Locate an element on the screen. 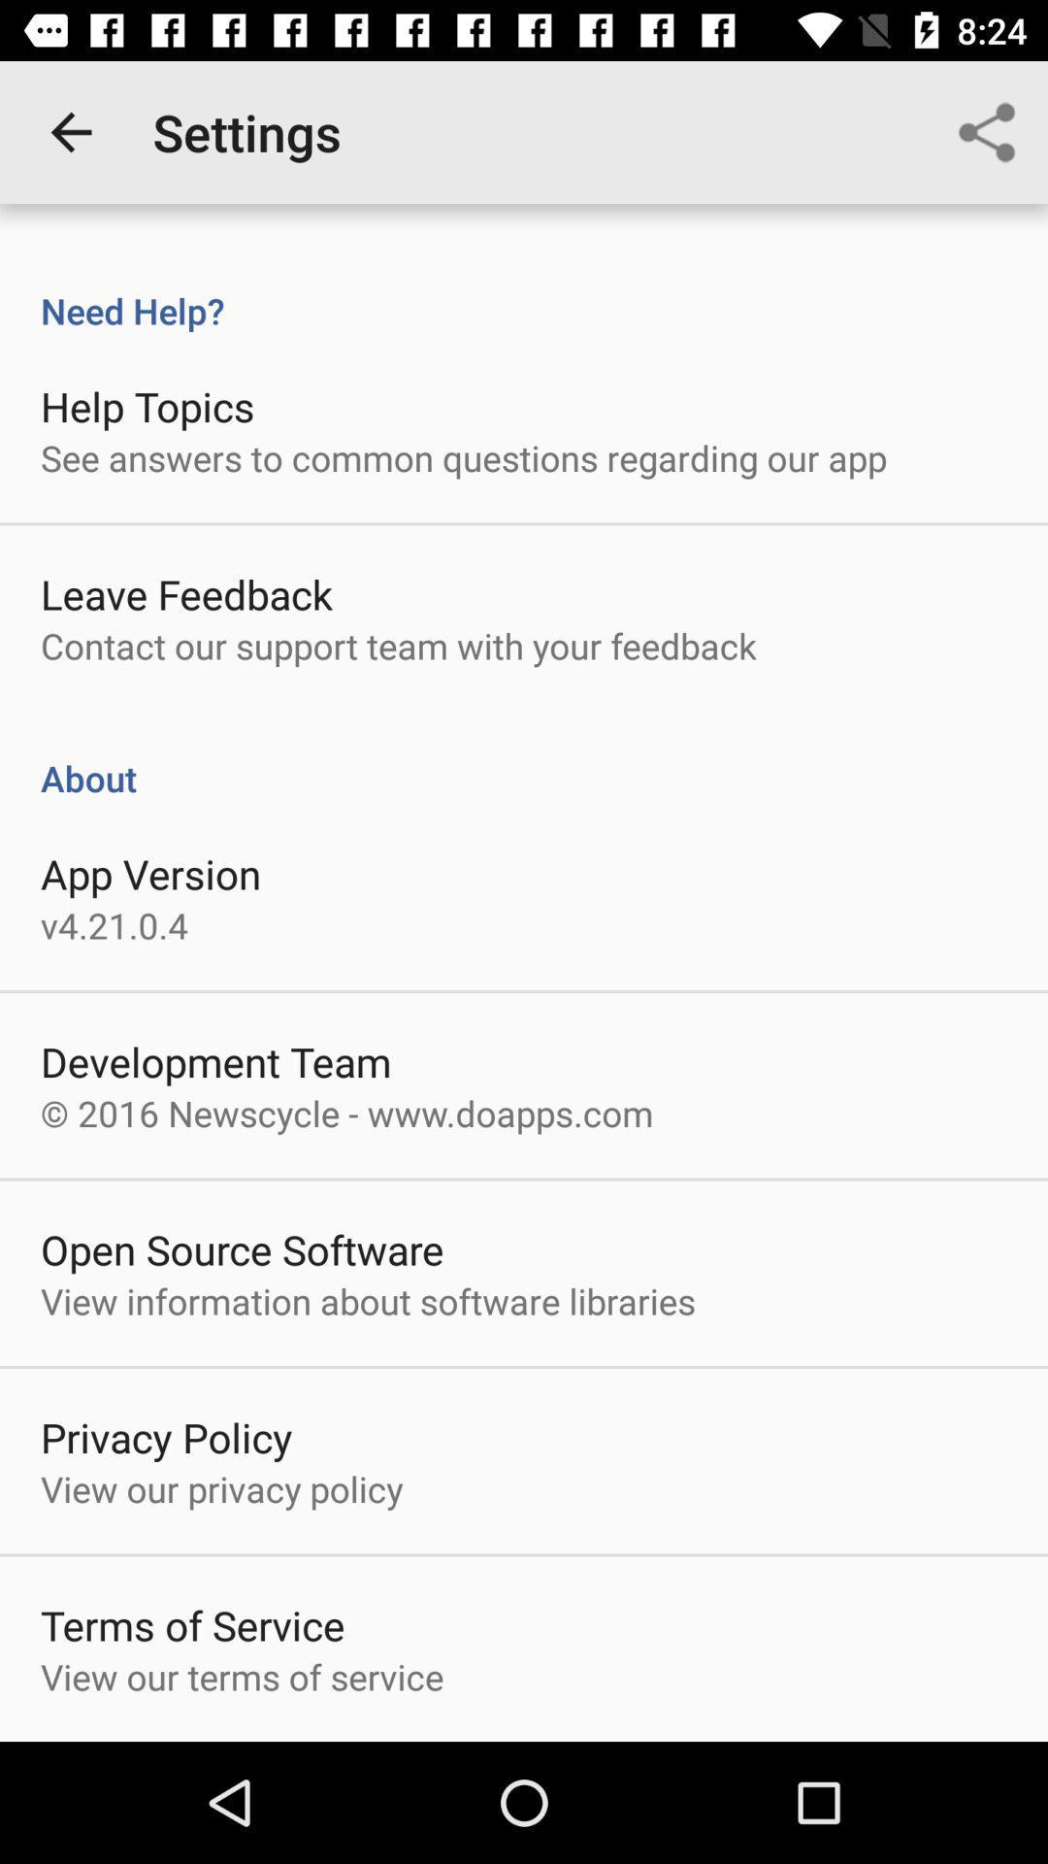 This screenshot has width=1048, height=1864. development team icon is located at coordinates (215, 1060).